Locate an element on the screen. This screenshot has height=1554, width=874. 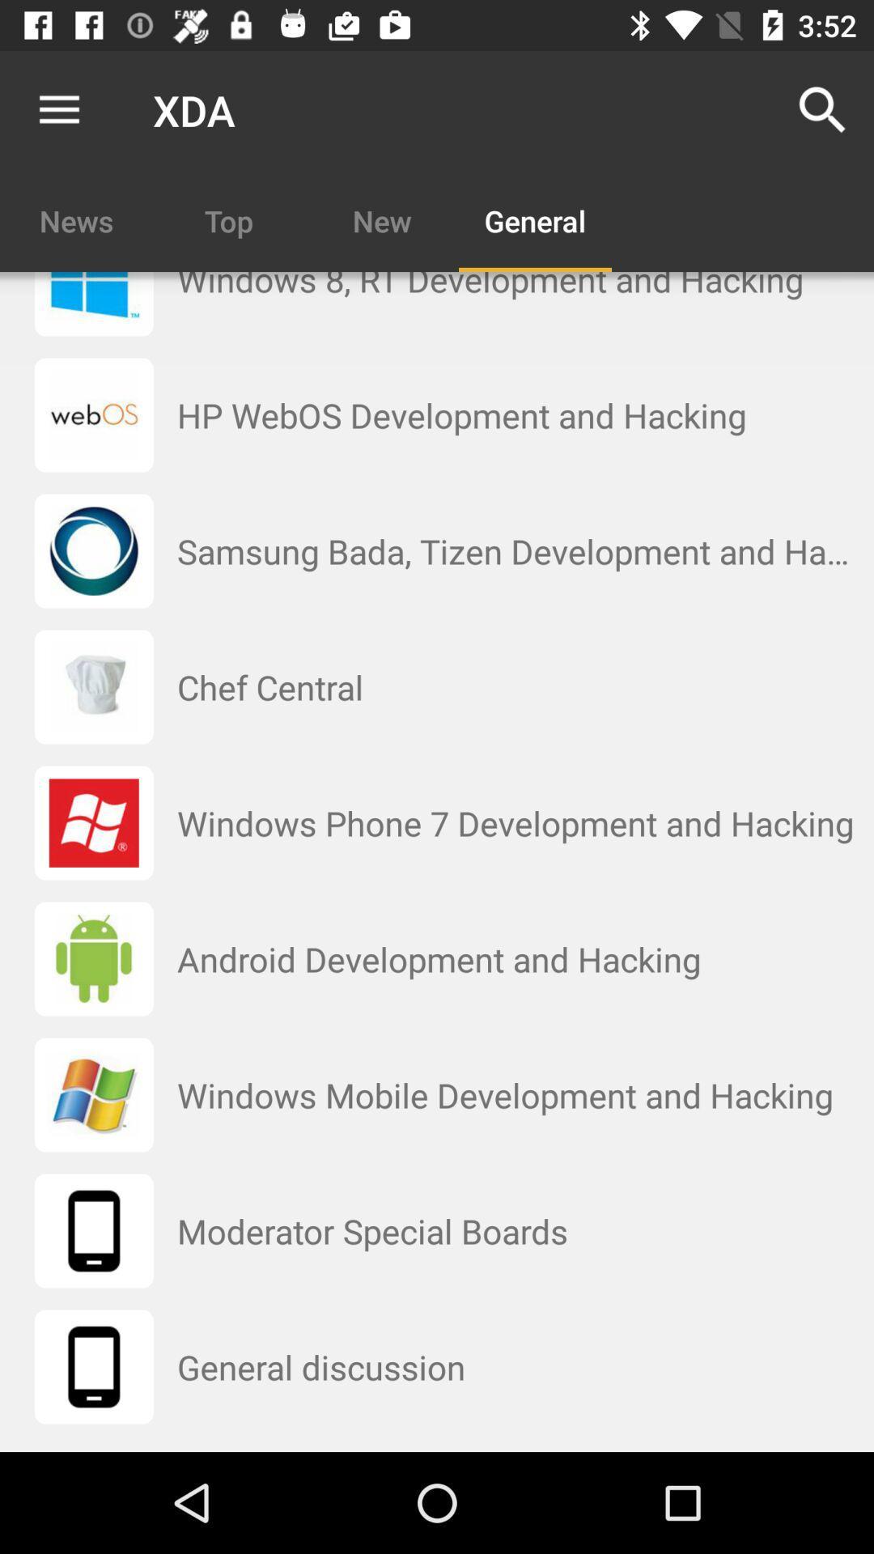
the icon above news item is located at coordinates (58, 109).